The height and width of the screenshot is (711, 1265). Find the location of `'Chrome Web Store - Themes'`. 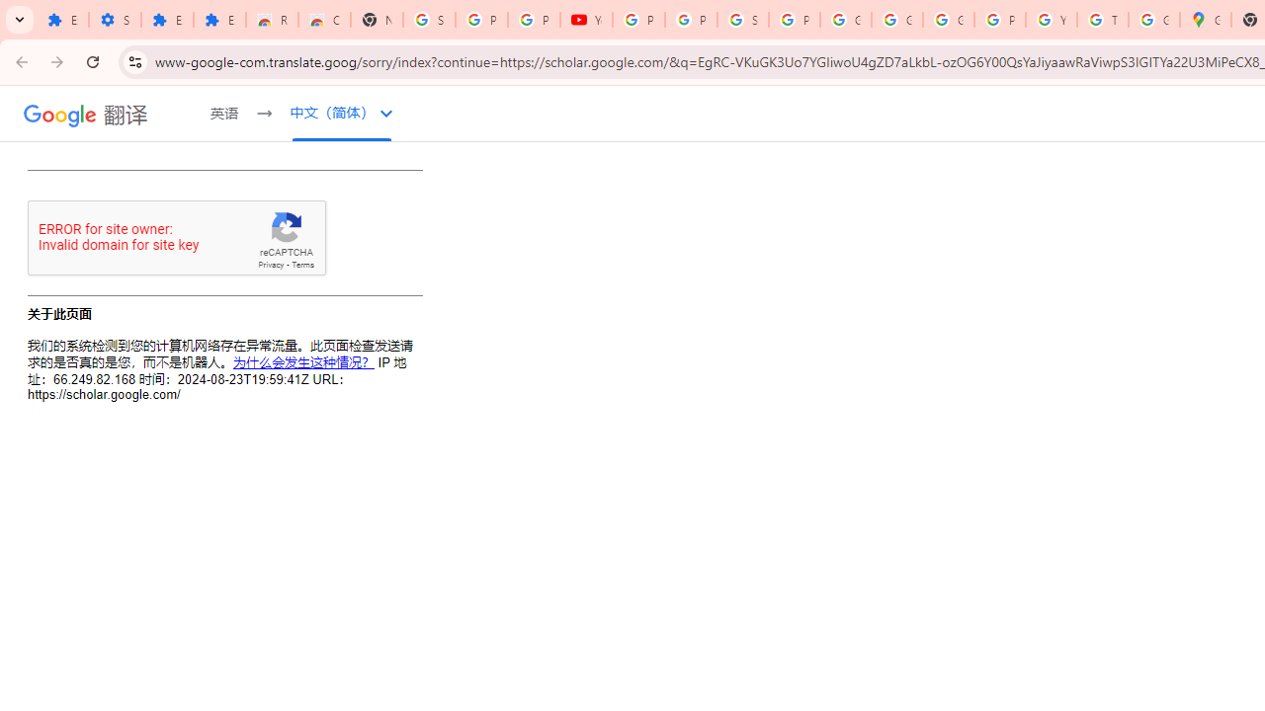

'Chrome Web Store - Themes' is located at coordinates (324, 20).